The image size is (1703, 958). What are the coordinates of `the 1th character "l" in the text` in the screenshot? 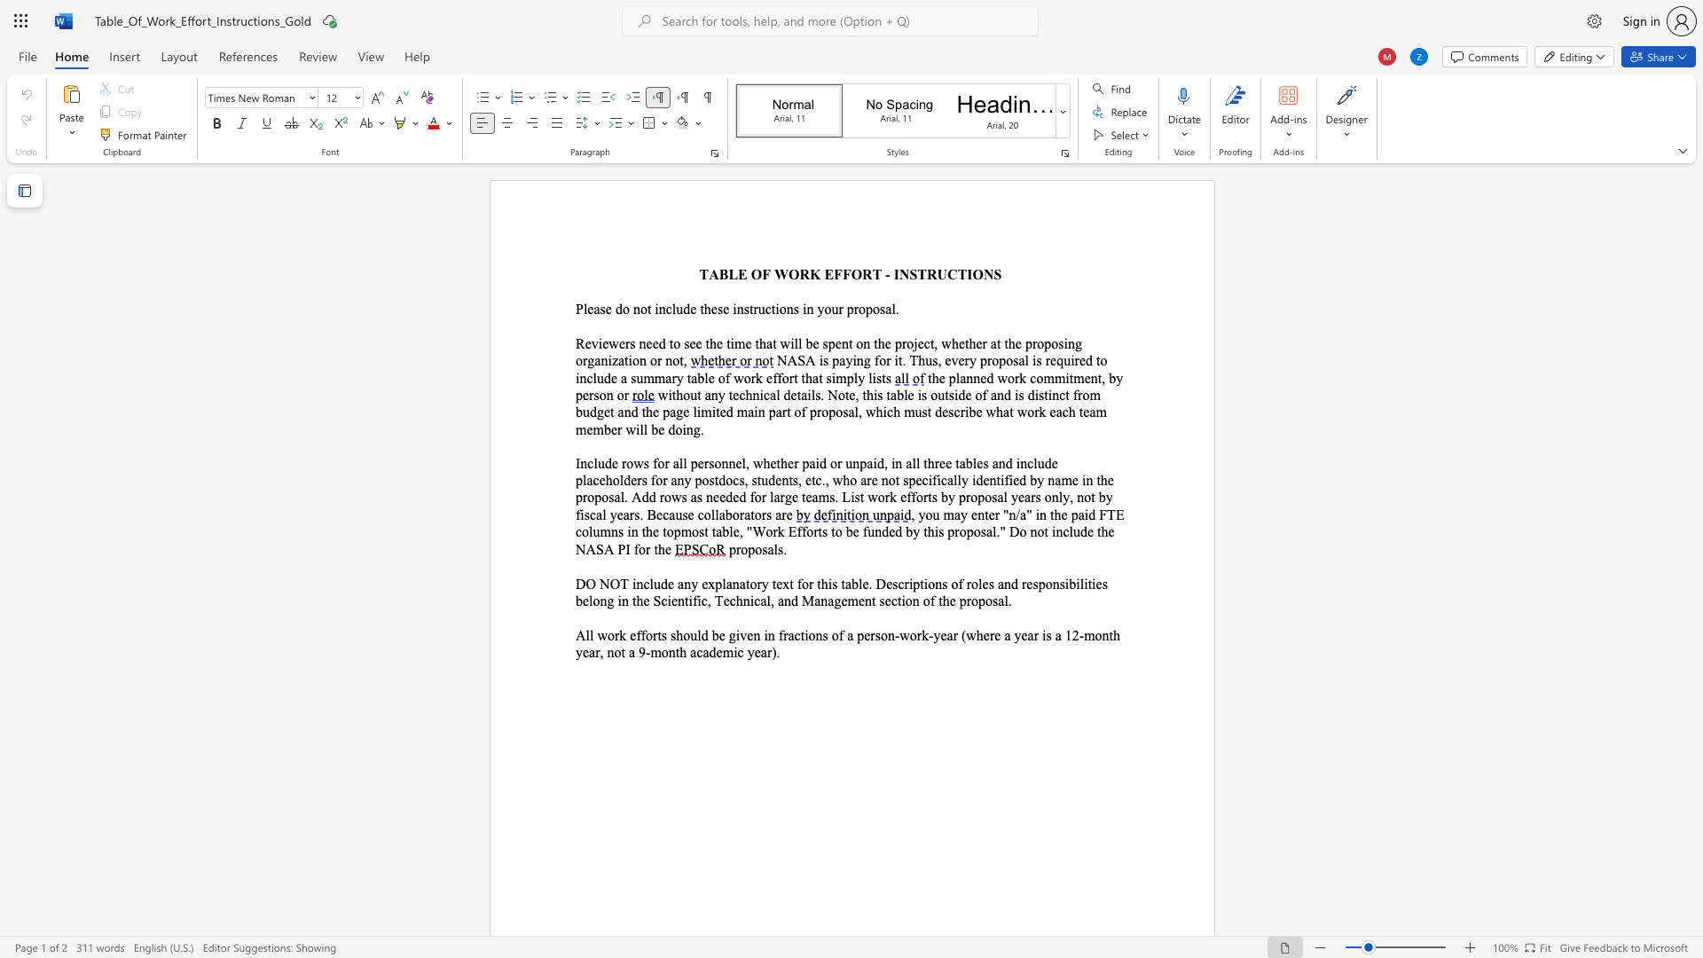 It's located at (595, 462).